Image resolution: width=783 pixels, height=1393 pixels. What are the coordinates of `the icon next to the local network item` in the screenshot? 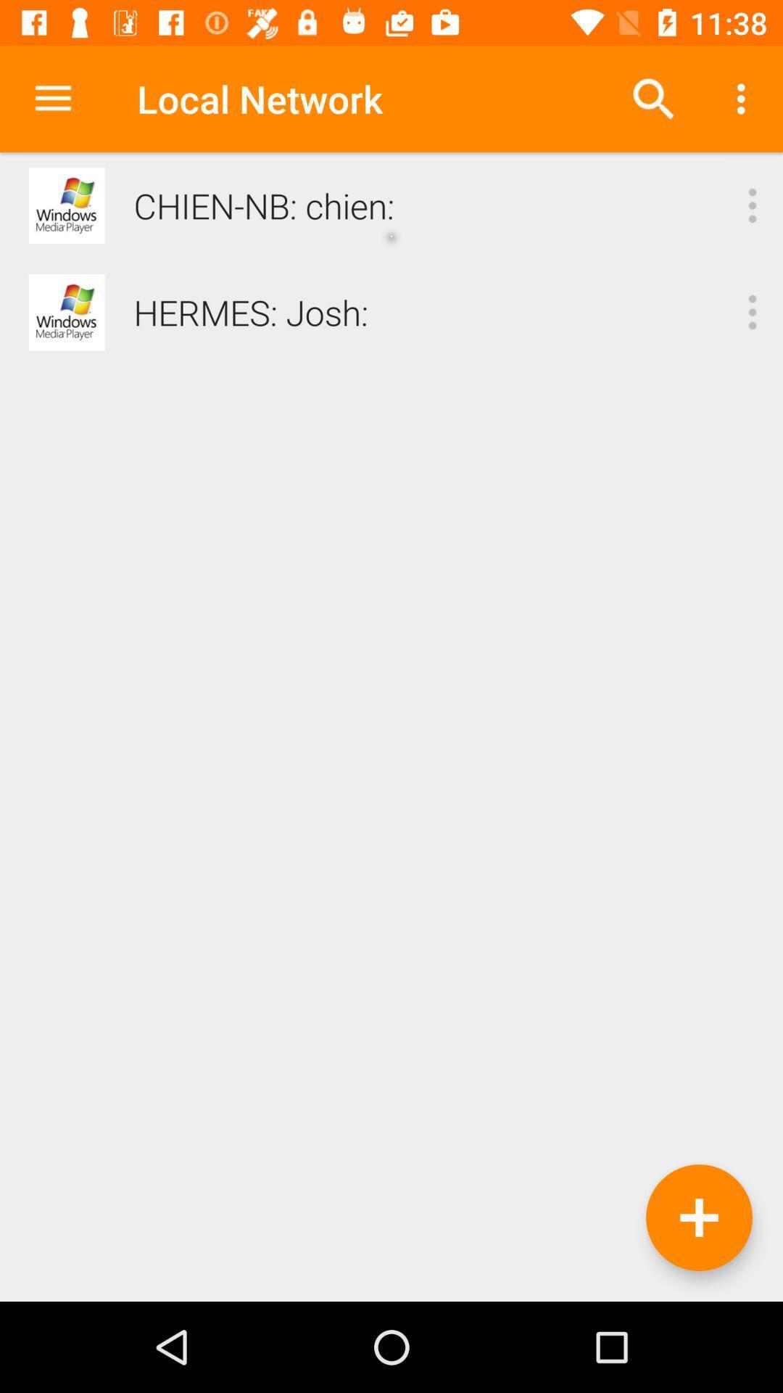 It's located at (653, 98).